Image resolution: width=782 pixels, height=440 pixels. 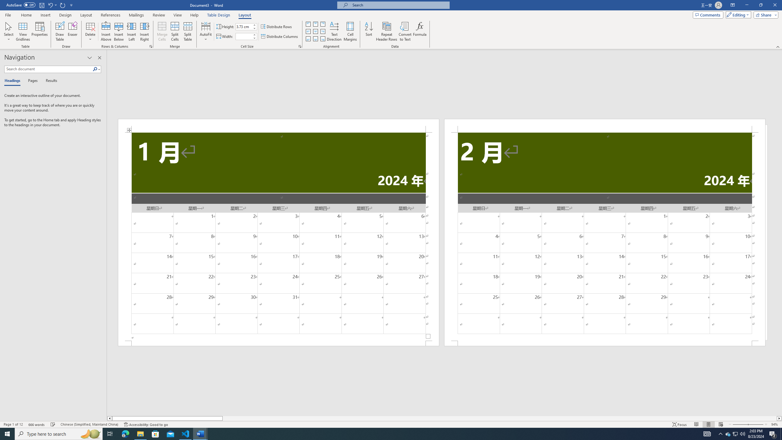 What do you see at coordinates (405, 31) in the screenshot?
I see `'Convert to Text...'` at bounding box center [405, 31].